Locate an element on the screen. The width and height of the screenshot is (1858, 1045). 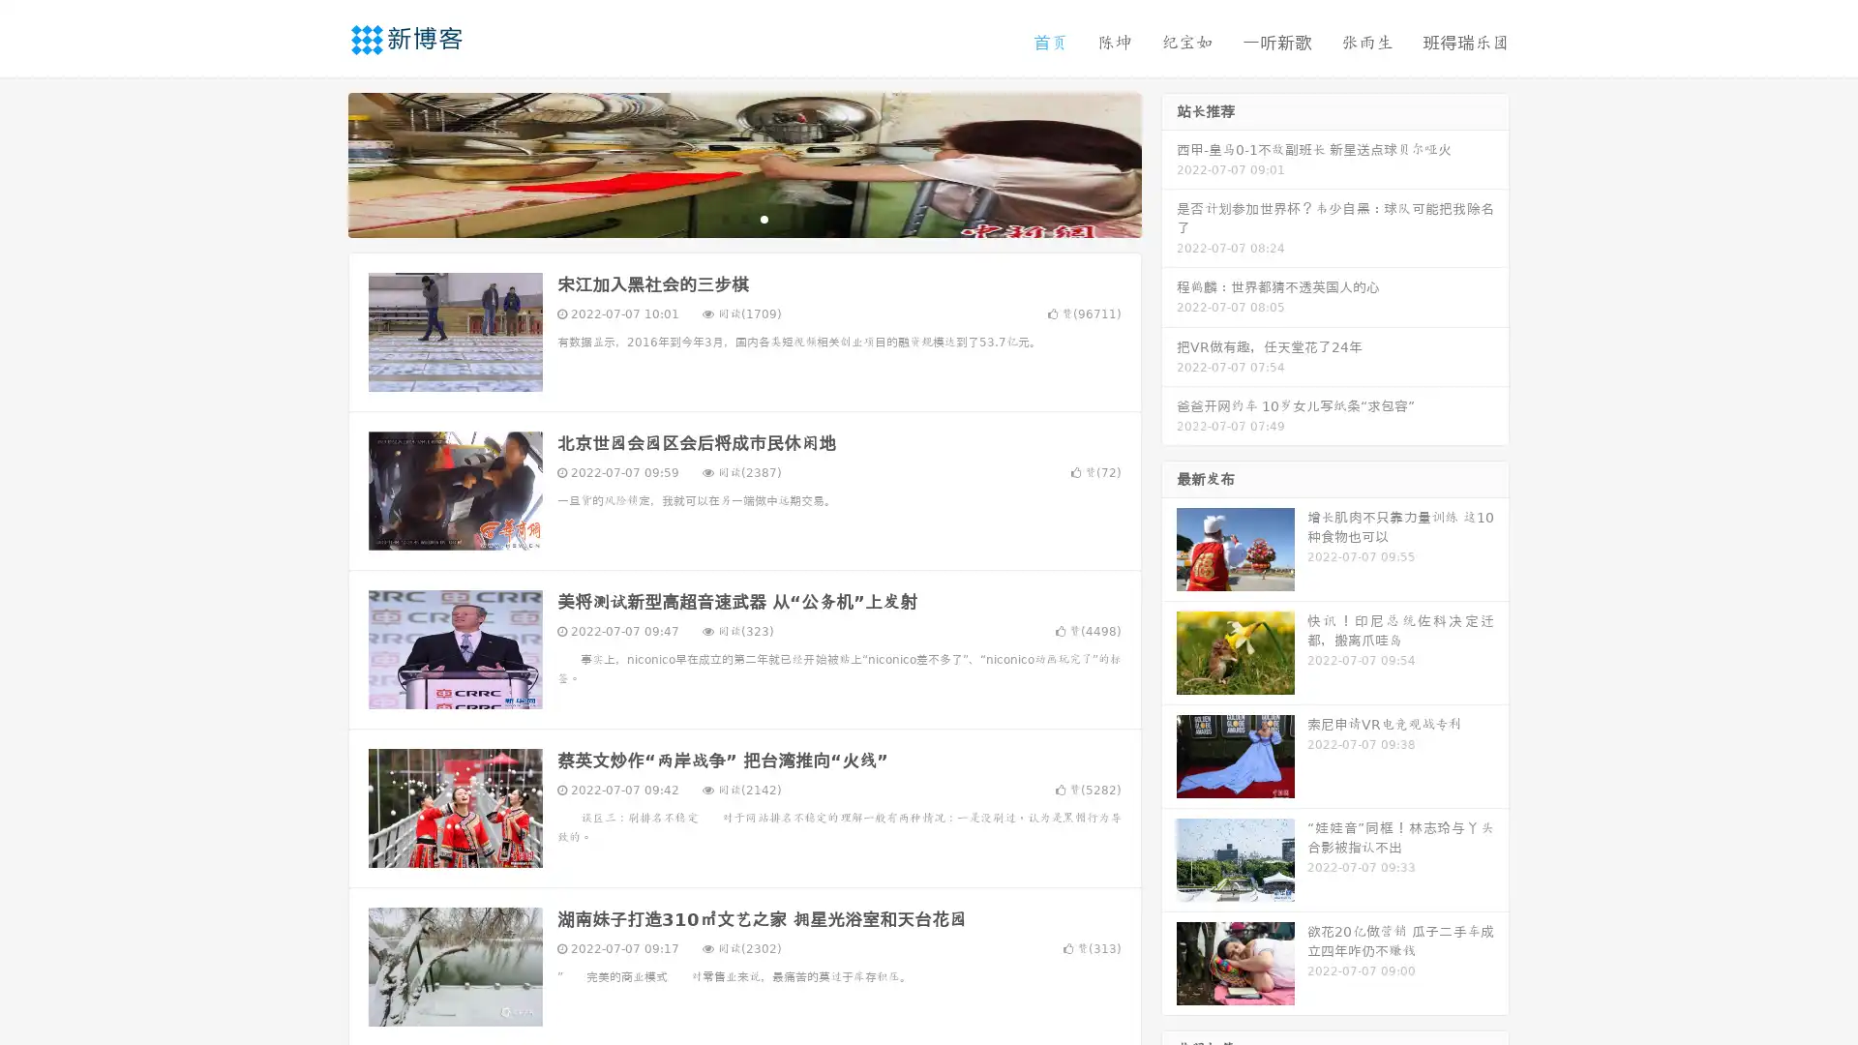
Go to slide 2 is located at coordinates (743, 218).